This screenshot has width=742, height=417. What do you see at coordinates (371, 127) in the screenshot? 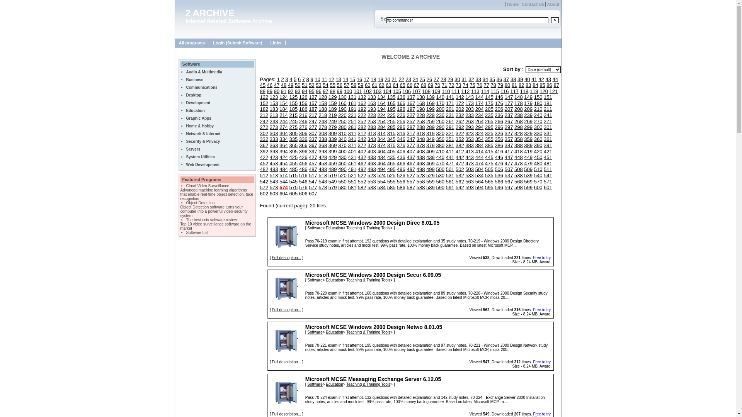
I see `'283'` at bounding box center [371, 127].